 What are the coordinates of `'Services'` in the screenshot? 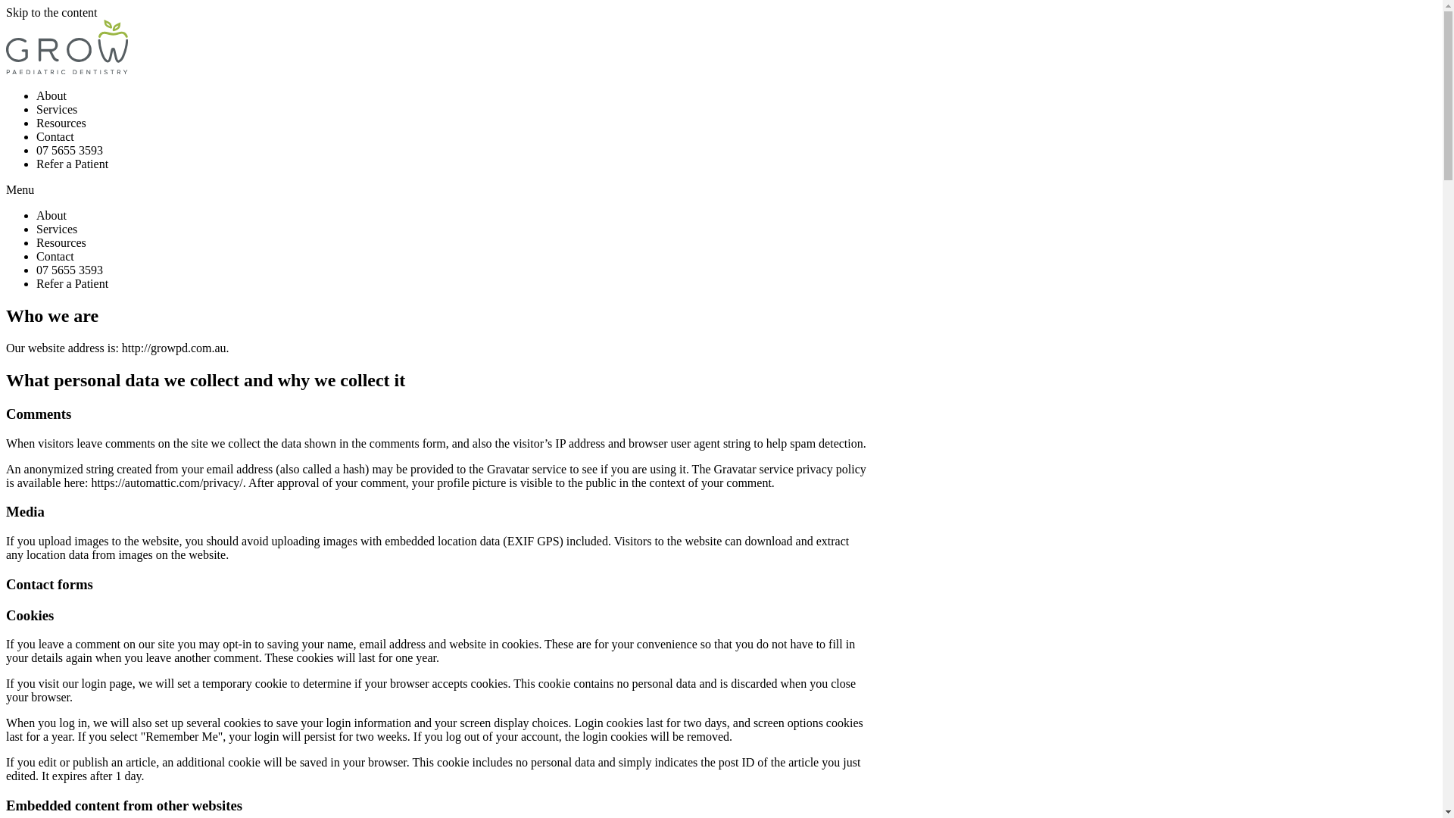 It's located at (57, 108).